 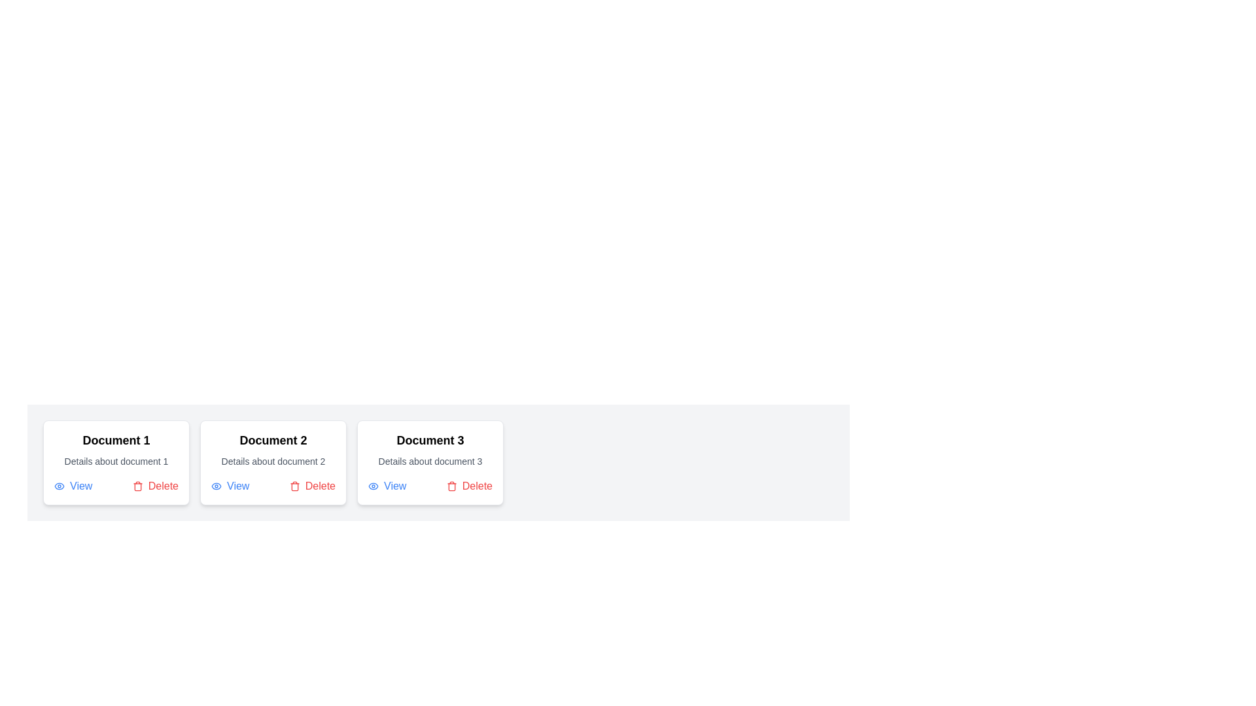 What do you see at coordinates (430, 441) in the screenshot?
I see `the Text Label that serves as the title for 'Document 3', located in the center of the interface within the third card, positioned towards the top of the card` at bounding box center [430, 441].